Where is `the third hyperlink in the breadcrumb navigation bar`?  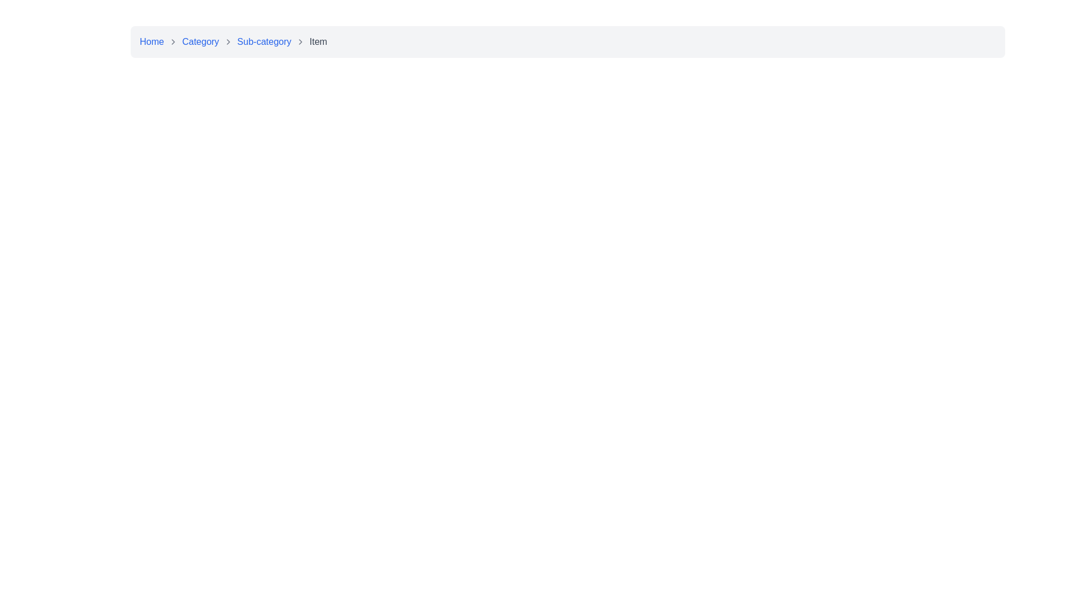 the third hyperlink in the breadcrumb navigation bar is located at coordinates (264, 41).